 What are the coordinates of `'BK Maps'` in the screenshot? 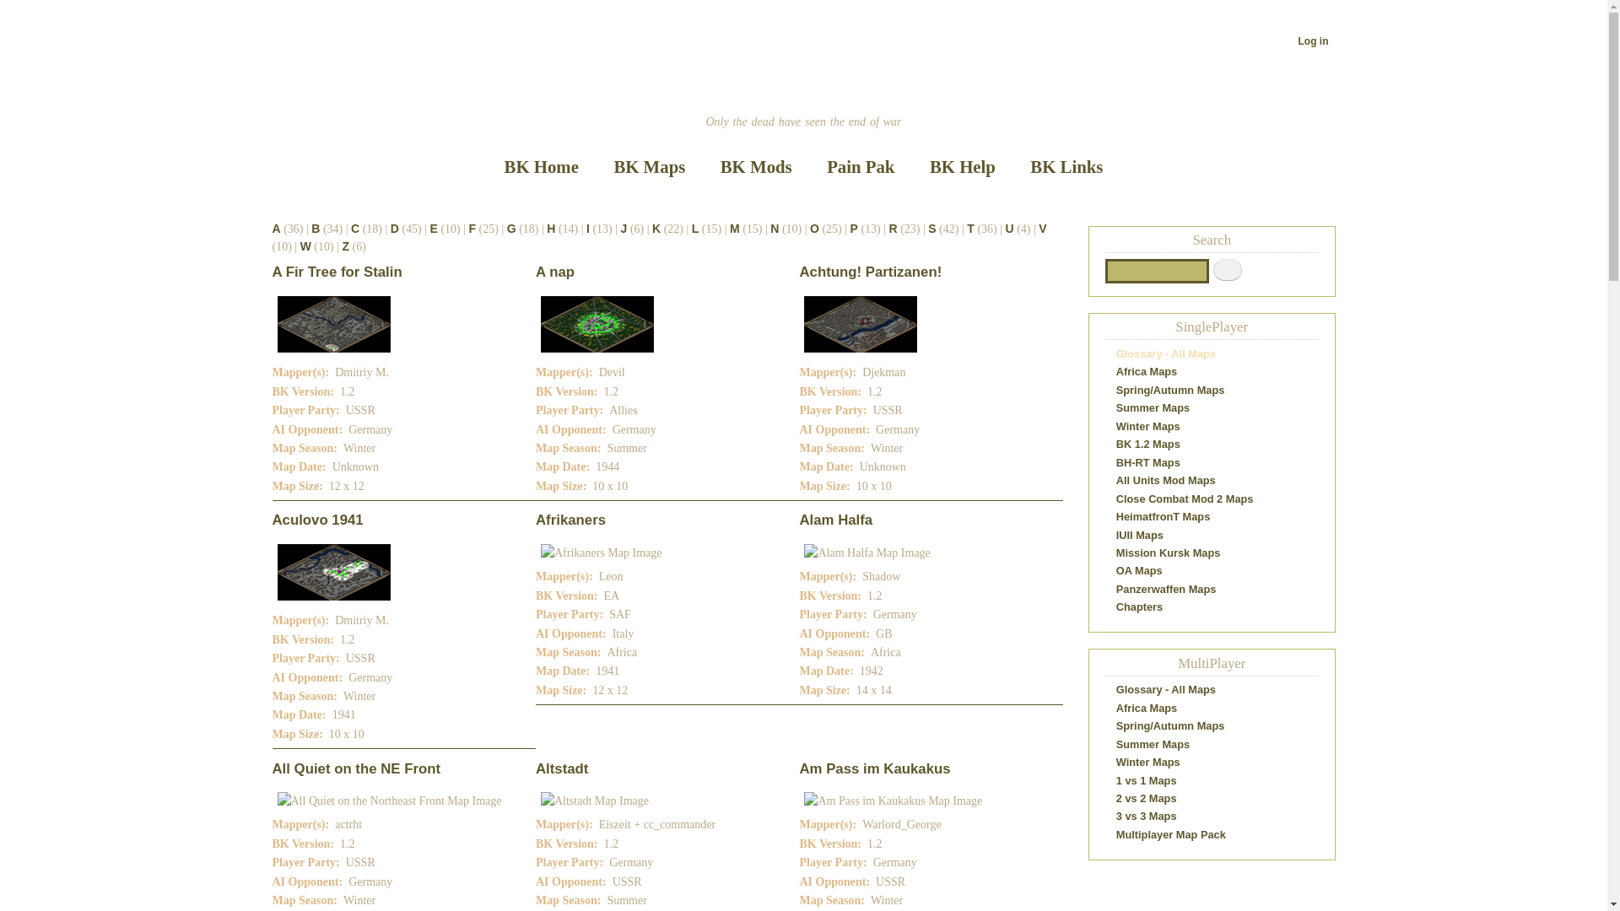 It's located at (648, 166).